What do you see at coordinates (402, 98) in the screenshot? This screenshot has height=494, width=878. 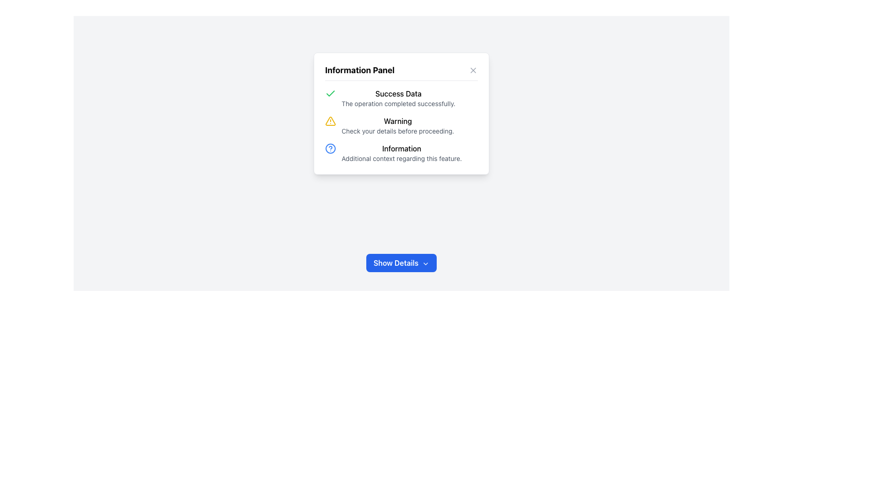 I see `the green checkmark notification indicating 'Success Data' at the top of the notifications panel` at bounding box center [402, 98].